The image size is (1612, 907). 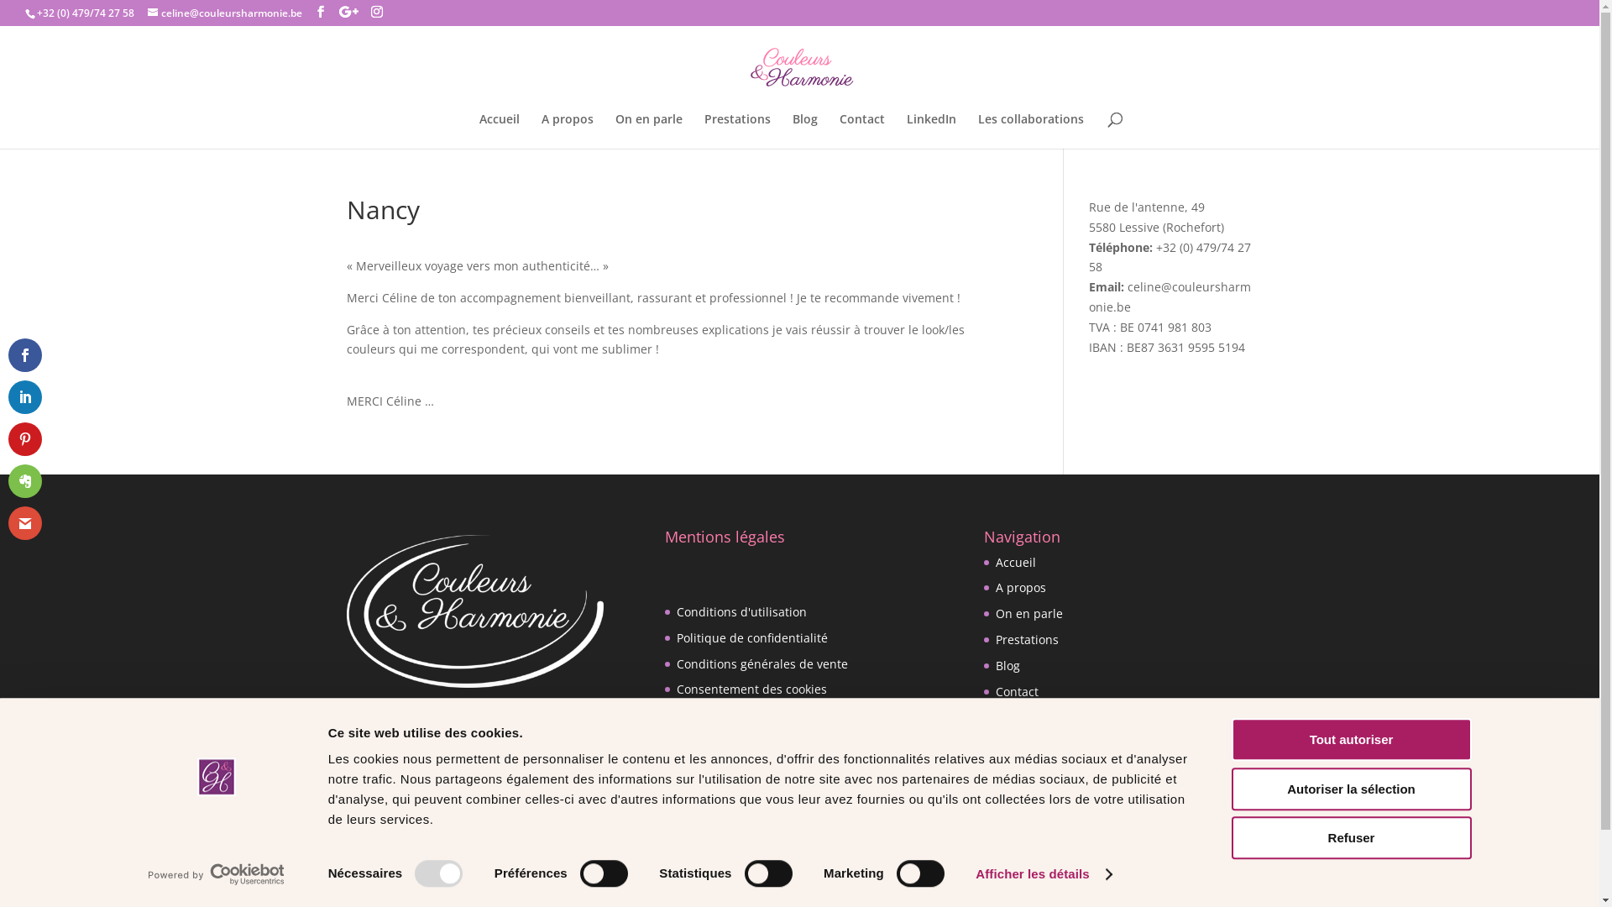 What do you see at coordinates (751, 689) in the screenshot?
I see `'Consentement des cookies'` at bounding box center [751, 689].